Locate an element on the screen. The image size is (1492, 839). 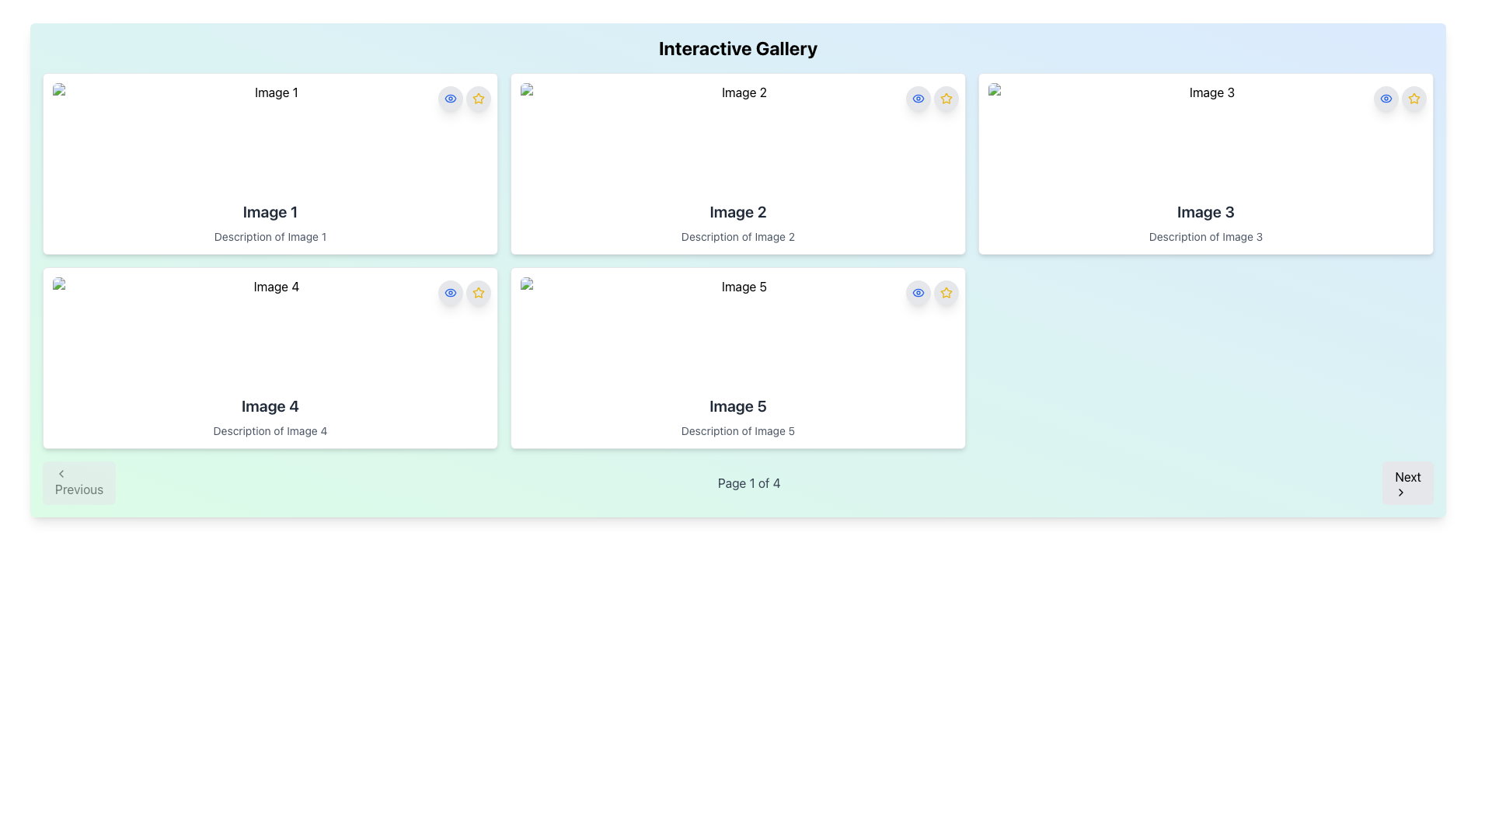
the eye icon located in the top-right corner of the card labeled 'Image 3' is located at coordinates (1386, 99).